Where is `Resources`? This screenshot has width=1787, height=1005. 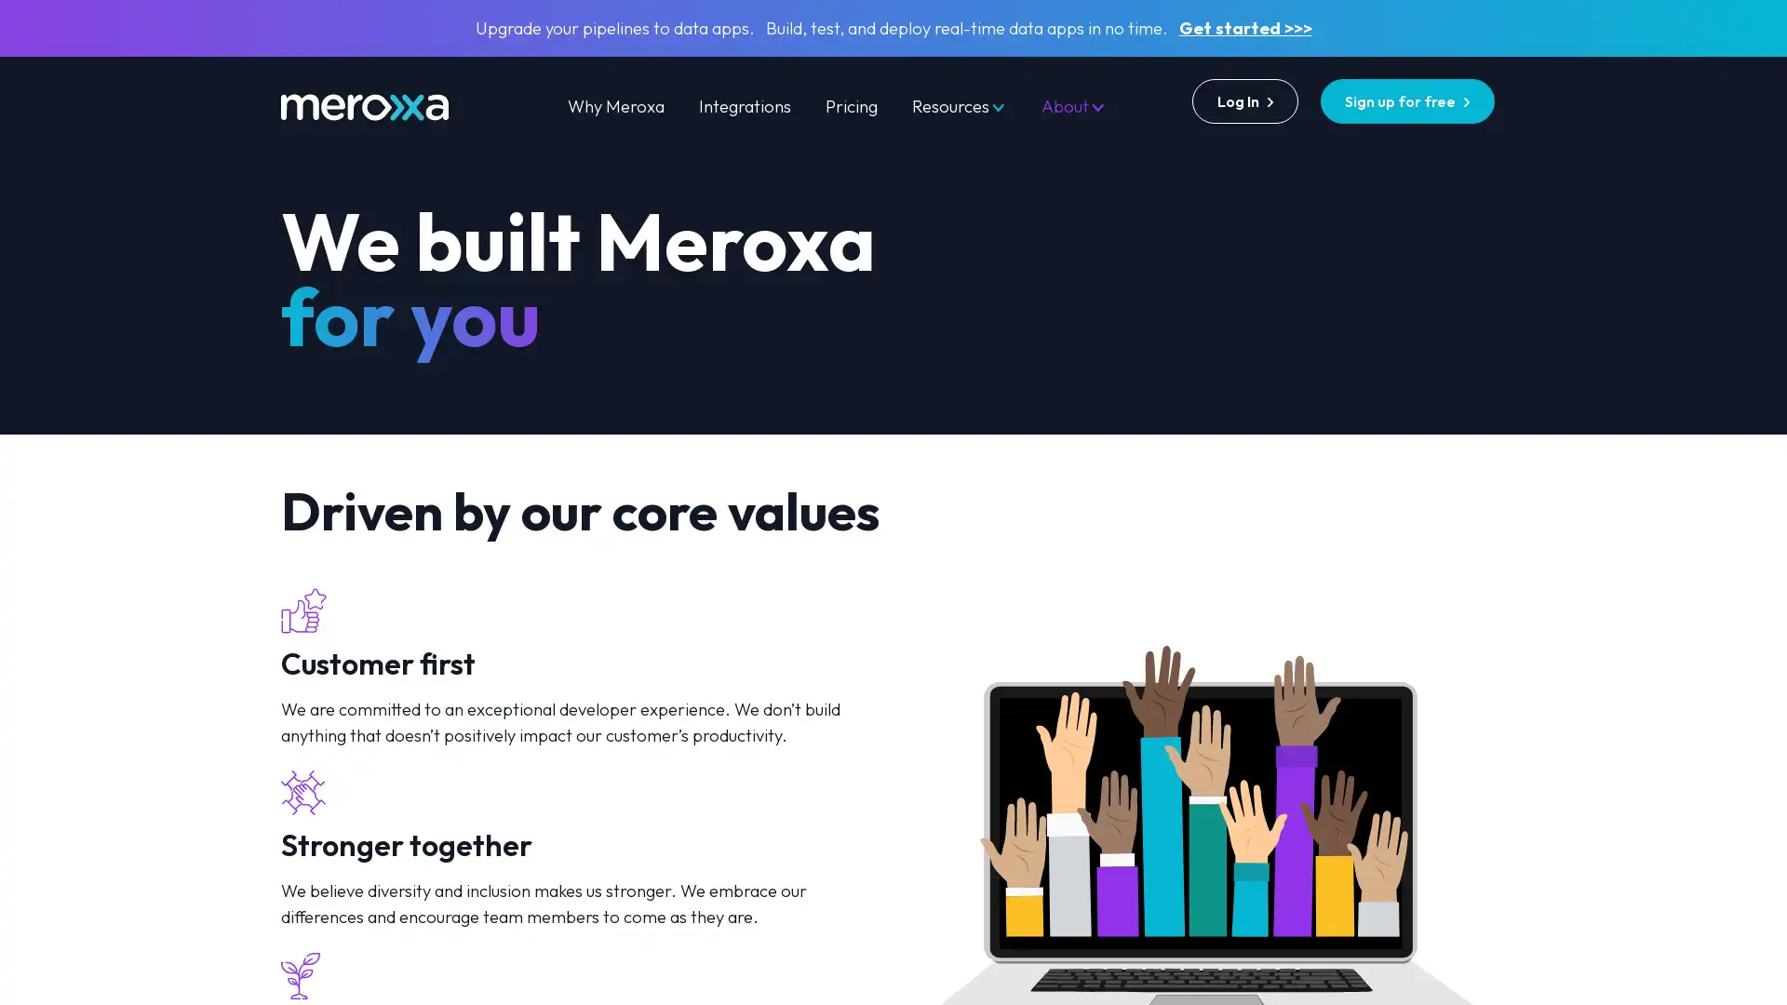
Resources is located at coordinates (959, 107).